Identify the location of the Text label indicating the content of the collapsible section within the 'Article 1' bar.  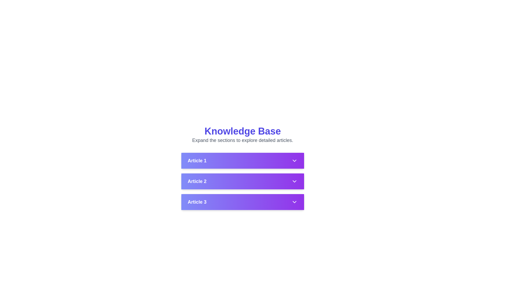
(197, 160).